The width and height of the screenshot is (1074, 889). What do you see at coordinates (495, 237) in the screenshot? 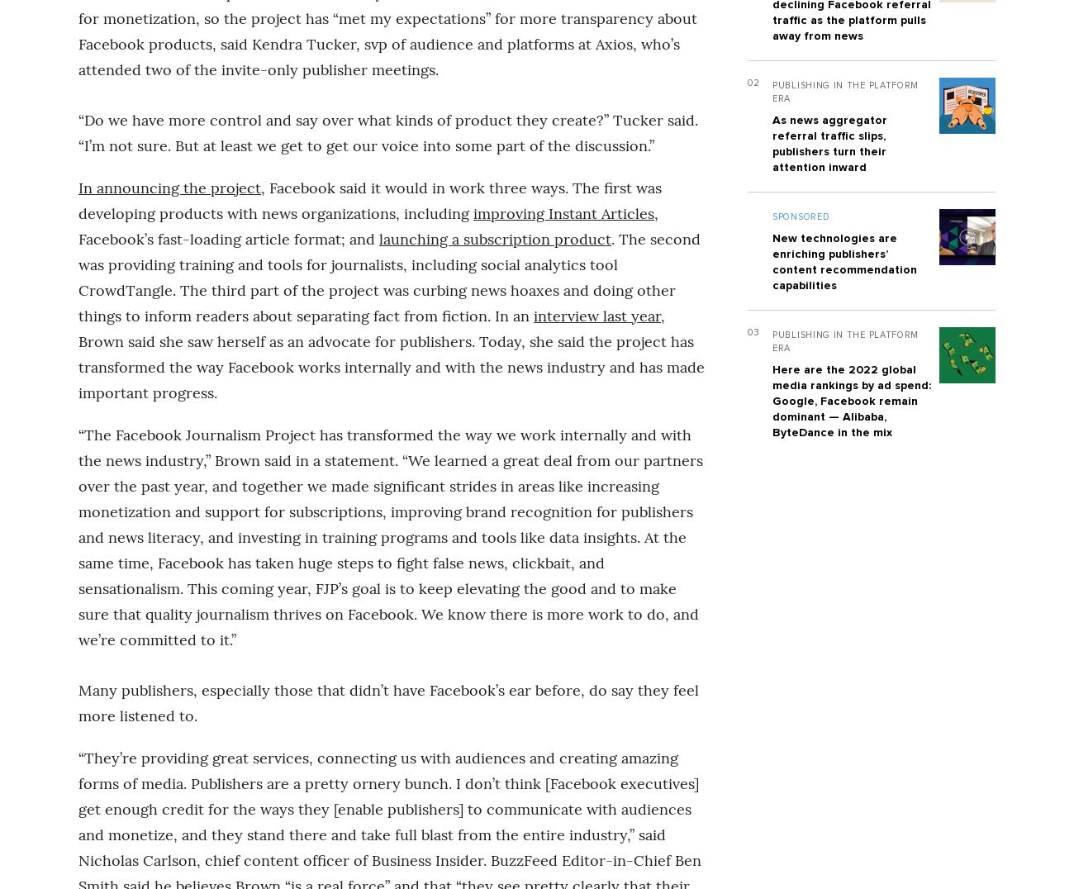
I see `'launching a subscription product'` at bounding box center [495, 237].